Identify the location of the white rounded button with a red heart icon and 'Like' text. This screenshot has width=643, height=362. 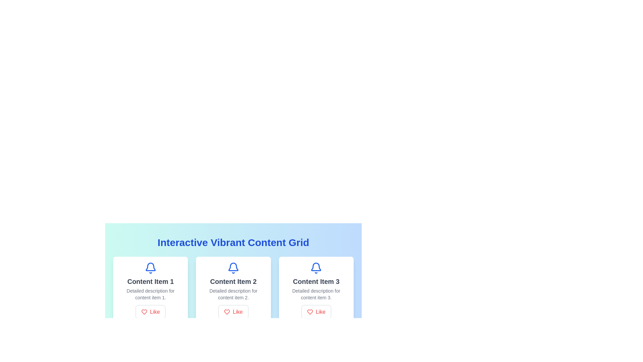
(150, 312).